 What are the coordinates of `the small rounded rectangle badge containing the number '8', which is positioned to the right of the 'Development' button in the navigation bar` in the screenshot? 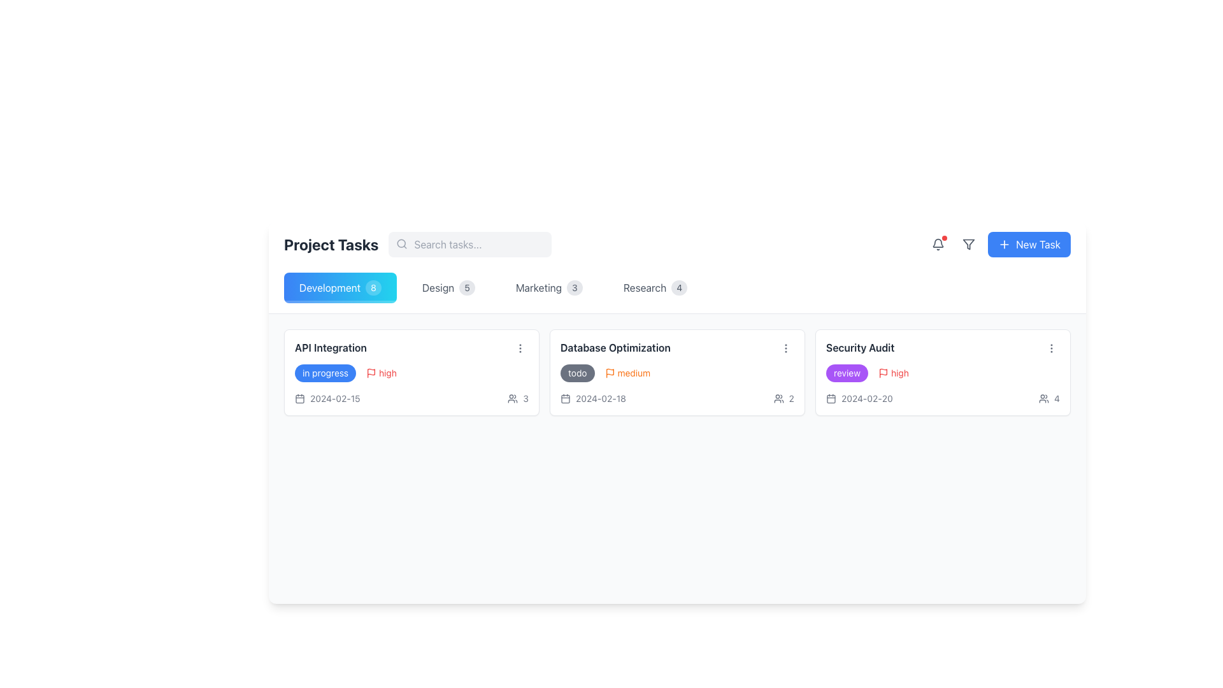 It's located at (373, 287).